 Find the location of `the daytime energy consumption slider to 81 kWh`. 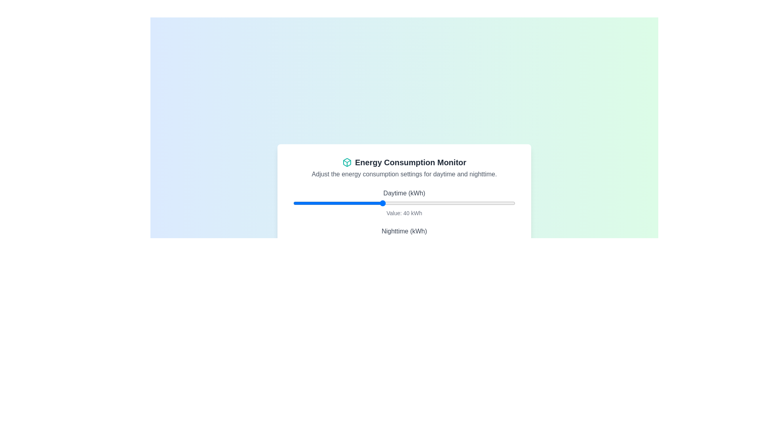

the daytime energy consumption slider to 81 kWh is located at coordinates (473, 203).